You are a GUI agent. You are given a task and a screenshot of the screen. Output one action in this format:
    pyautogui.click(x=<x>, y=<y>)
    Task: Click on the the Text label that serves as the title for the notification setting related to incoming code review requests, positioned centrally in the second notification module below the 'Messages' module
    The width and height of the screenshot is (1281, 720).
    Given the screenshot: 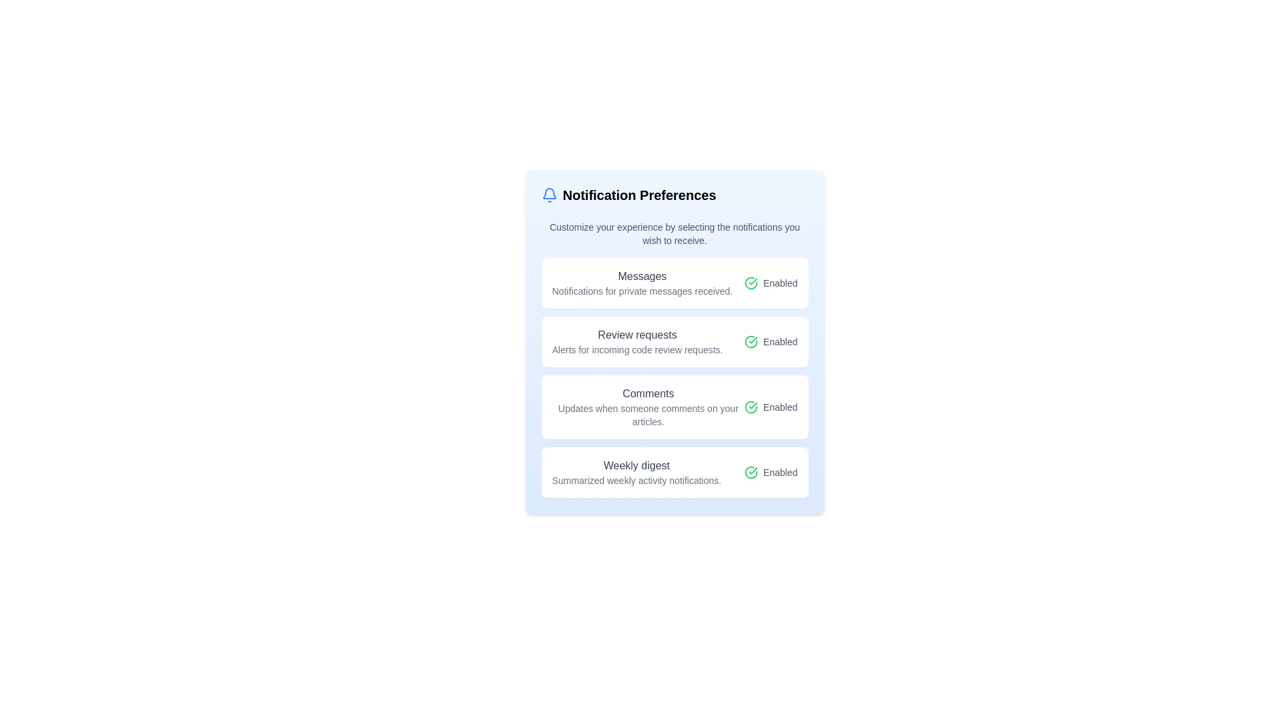 What is the action you would take?
    pyautogui.click(x=636, y=334)
    